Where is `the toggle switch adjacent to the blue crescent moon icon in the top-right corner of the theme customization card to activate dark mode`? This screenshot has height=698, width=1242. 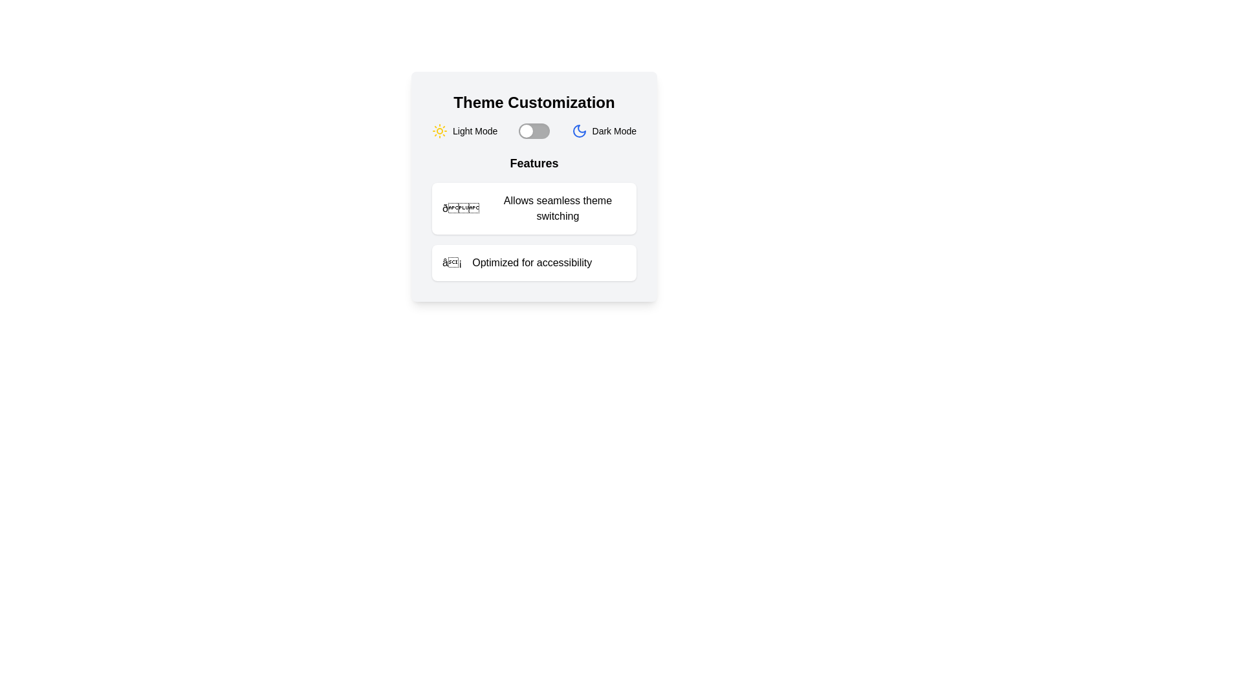
the toggle switch adjacent to the blue crescent moon icon in the top-right corner of the theme customization card to activate dark mode is located at coordinates (578, 131).